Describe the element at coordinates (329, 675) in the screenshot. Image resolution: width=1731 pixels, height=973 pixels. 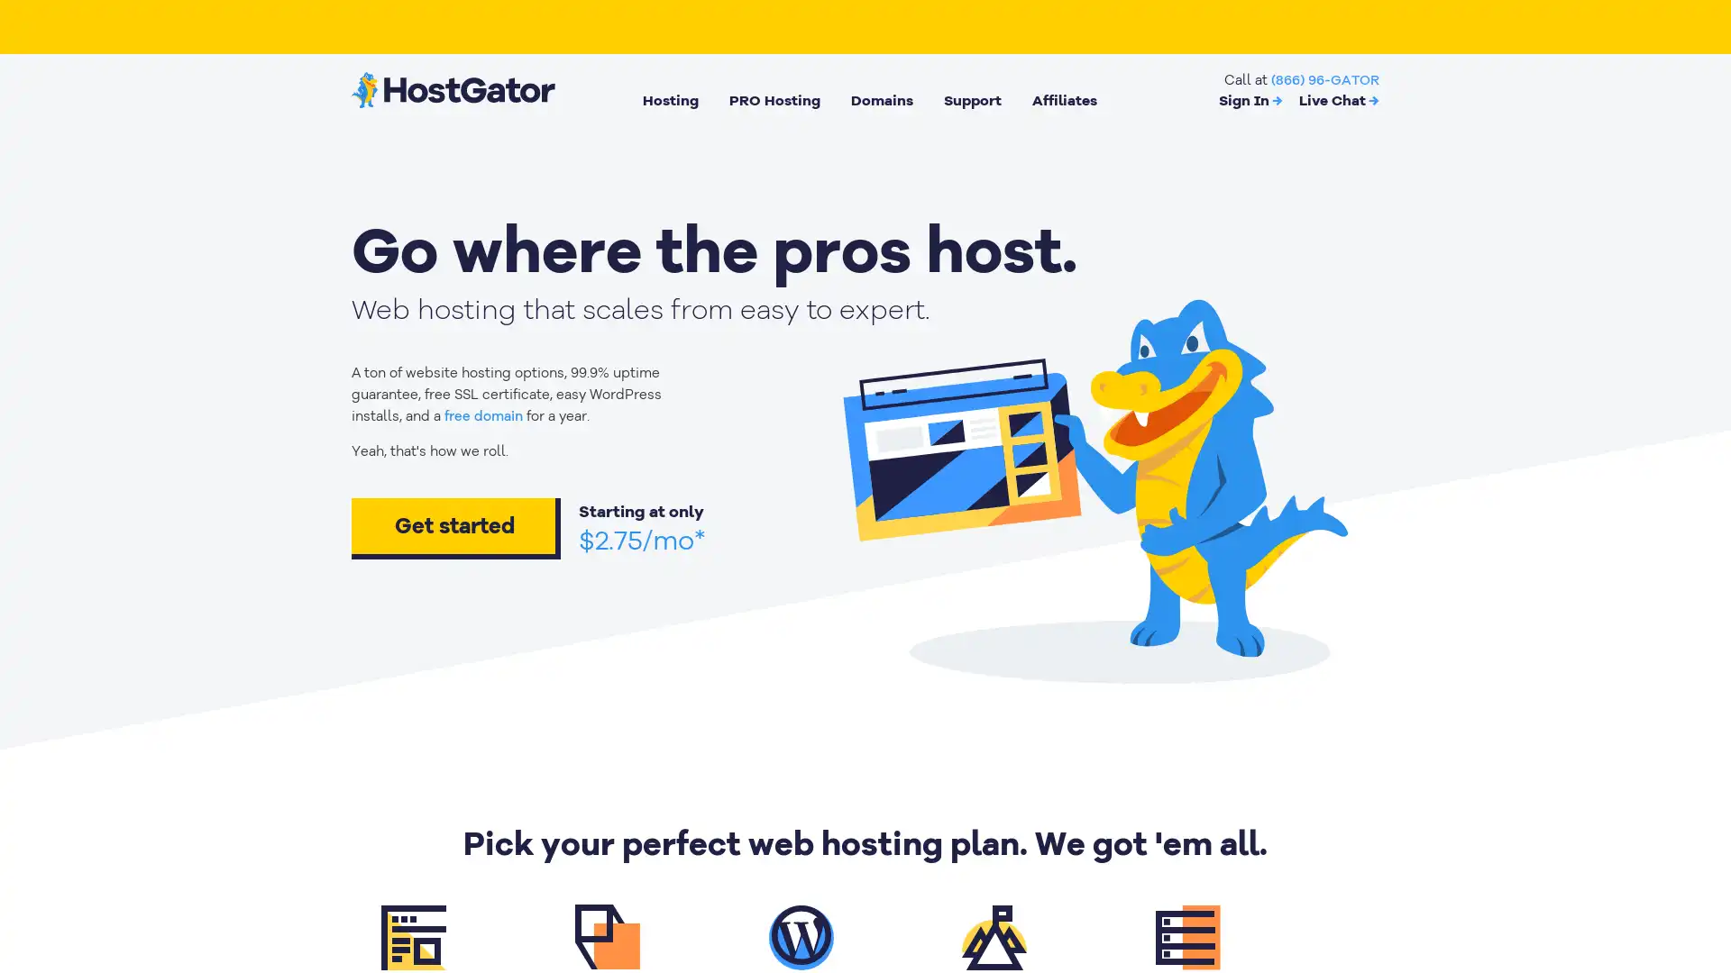
I see `Close` at that location.